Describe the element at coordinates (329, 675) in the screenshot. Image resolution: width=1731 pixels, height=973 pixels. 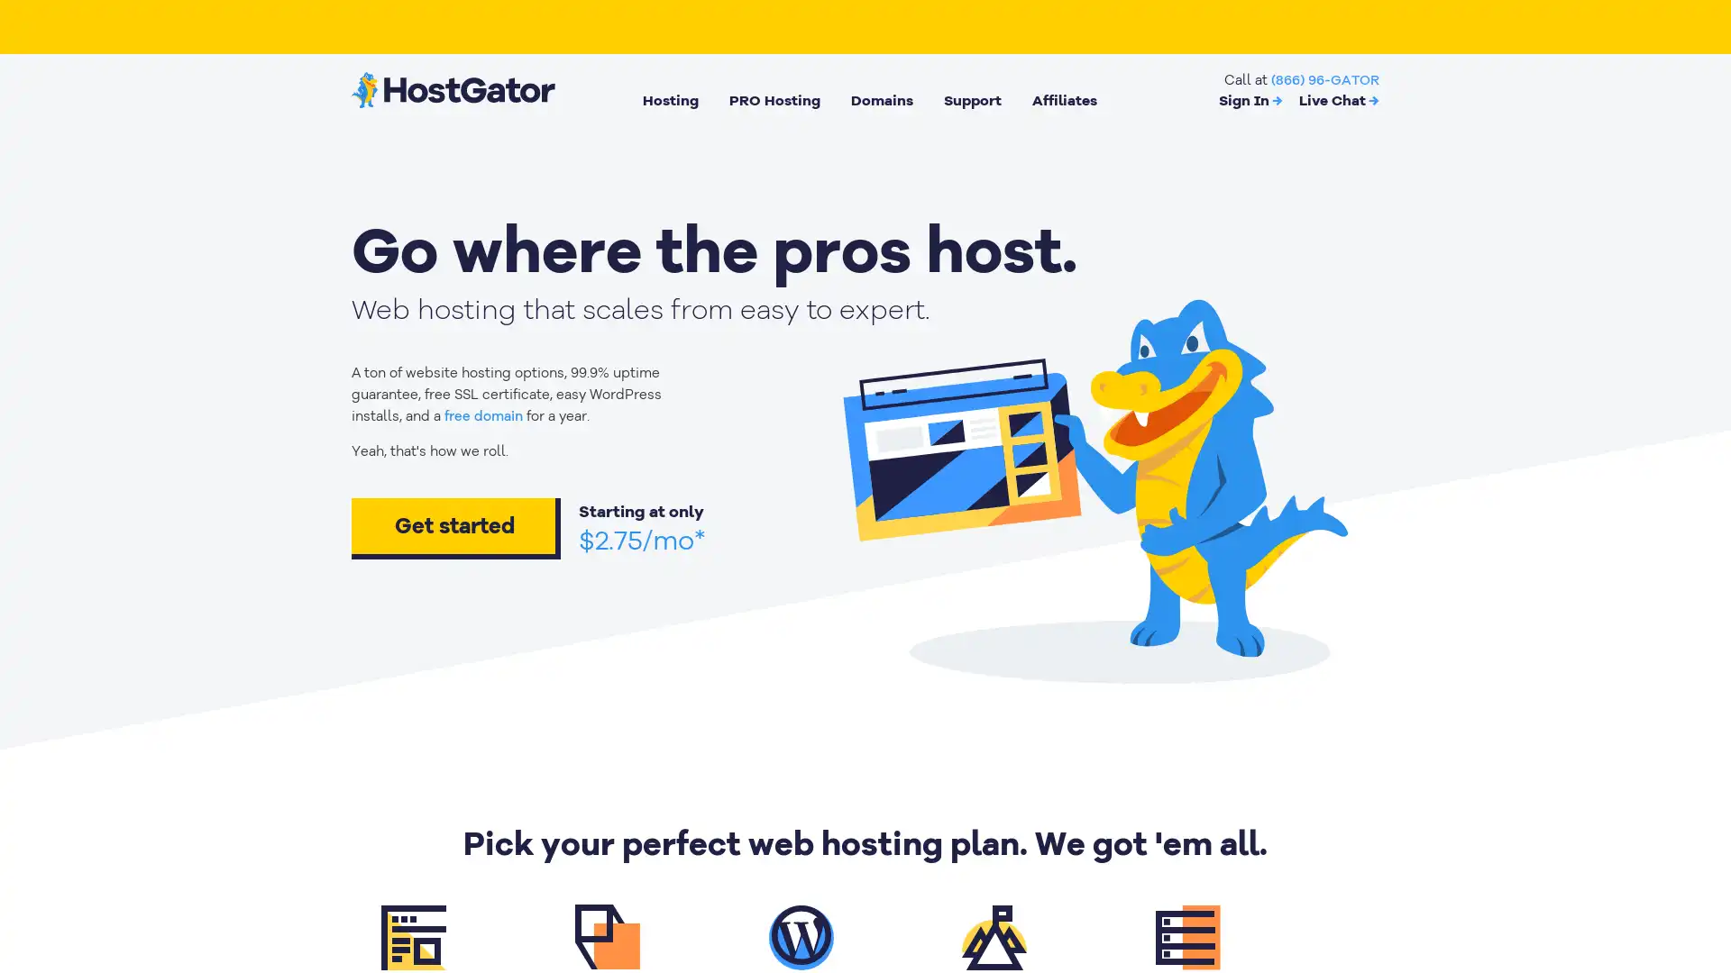
I see `Close` at that location.